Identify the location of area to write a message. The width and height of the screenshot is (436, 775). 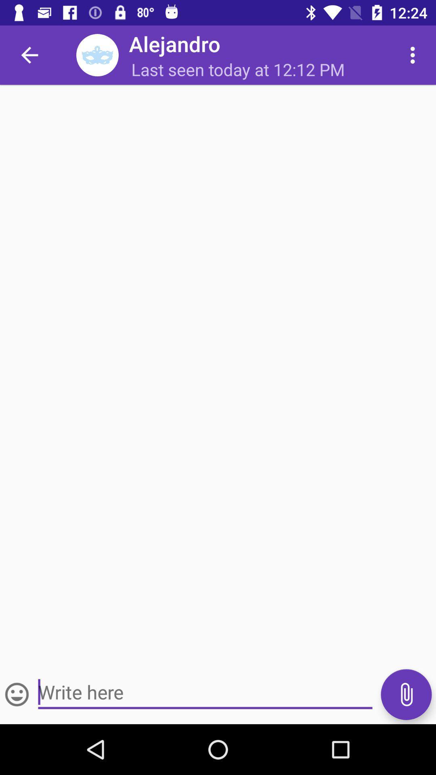
(205, 692).